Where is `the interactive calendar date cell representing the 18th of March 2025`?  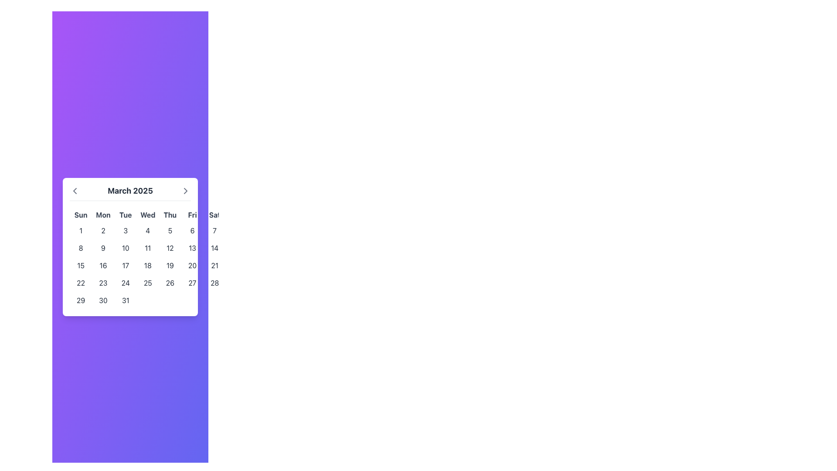 the interactive calendar date cell representing the 18th of March 2025 is located at coordinates (148, 265).